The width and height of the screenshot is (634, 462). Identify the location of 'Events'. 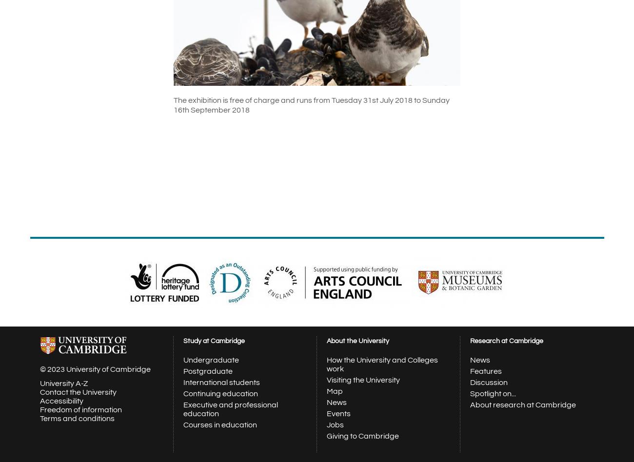
(338, 413).